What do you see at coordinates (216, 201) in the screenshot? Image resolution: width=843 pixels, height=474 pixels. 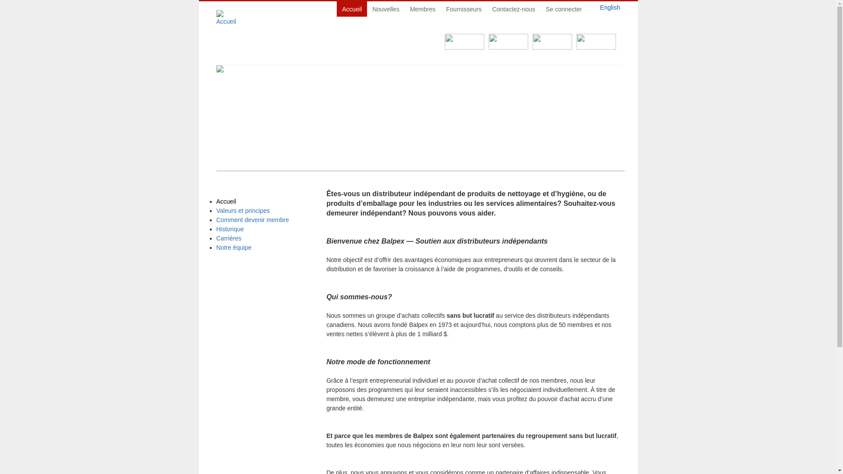 I see `'Accueil'` at bounding box center [216, 201].